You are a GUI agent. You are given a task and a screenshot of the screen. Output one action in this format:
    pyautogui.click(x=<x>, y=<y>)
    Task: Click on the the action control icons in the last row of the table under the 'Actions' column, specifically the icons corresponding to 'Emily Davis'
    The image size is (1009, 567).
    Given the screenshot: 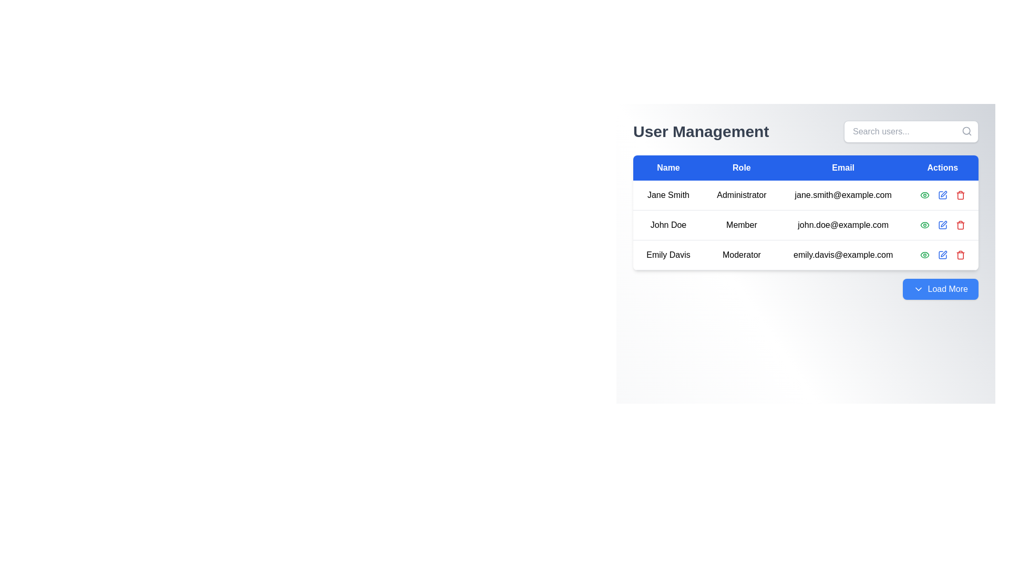 What is the action you would take?
    pyautogui.click(x=942, y=255)
    